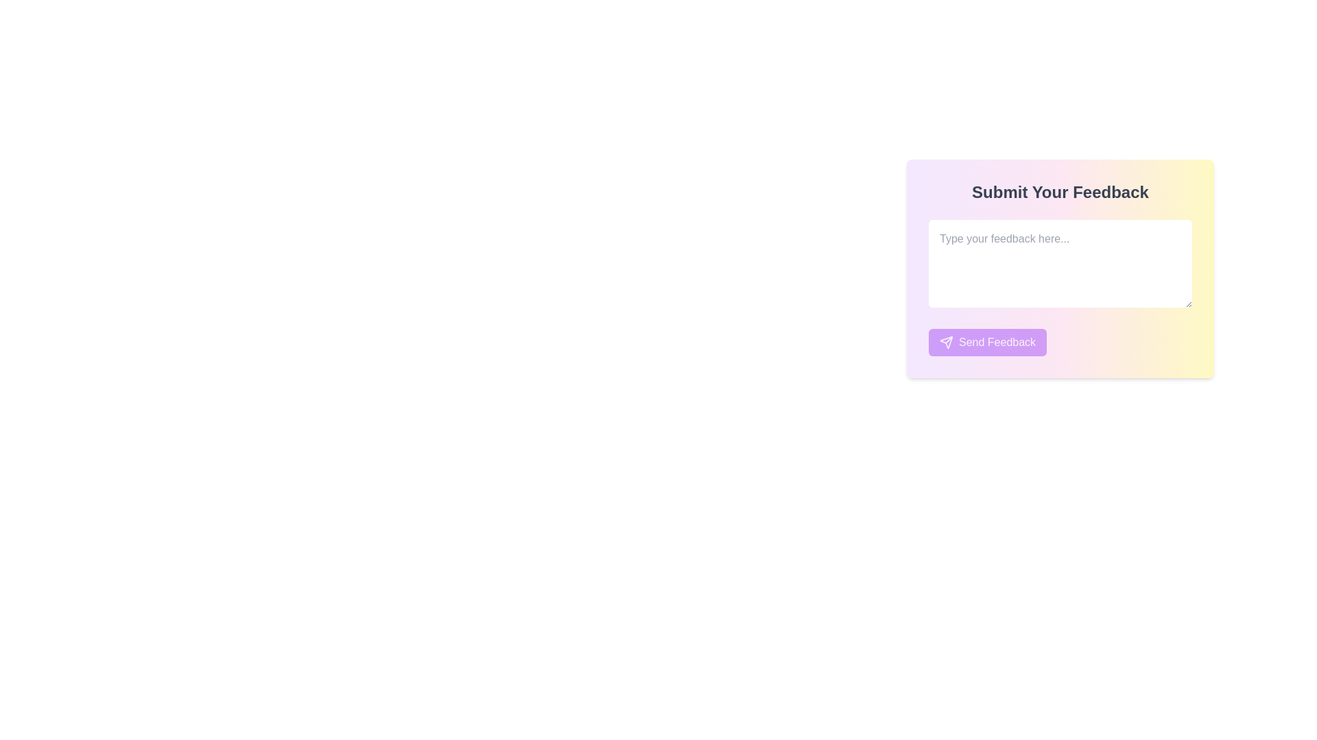  Describe the element at coordinates (997, 342) in the screenshot. I see `text displayed on the 'Send Feedback' button, which is styled in bold white font on a purple background` at that location.